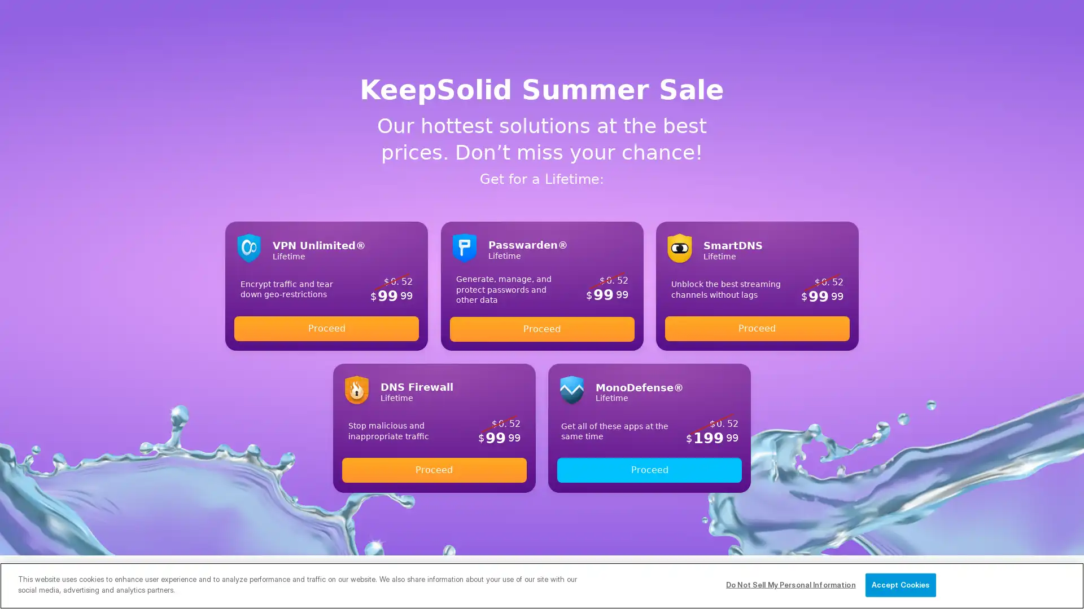 The image size is (1084, 609). Describe the element at coordinates (899, 584) in the screenshot. I see `Accept Cookies` at that location.